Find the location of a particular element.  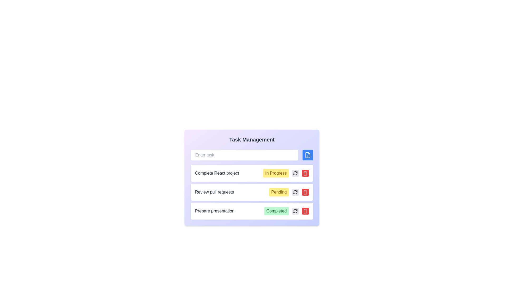

the submission button located to the right of the 'Enter task' input field in the task management interface to observe hover effects is located at coordinates (308, 155).